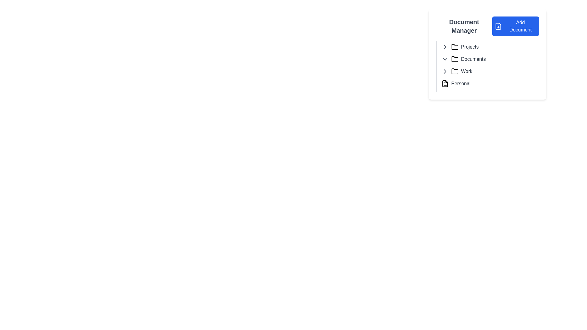 The image size is (587, 330). Describe the element at coordinates (445, 83) in the screenshot. I see `the document icon located in the 'Document Manager' section, adjacent to the label 'Personal'` at that location.